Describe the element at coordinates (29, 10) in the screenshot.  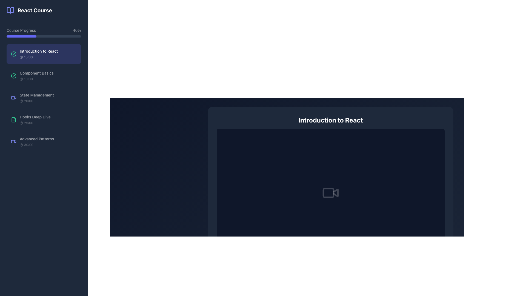
I see `the header element labeled 'React Course' which is styled in bold white font and has a book icon in indigo color on its left, located near the top-left of the sidebar` at that location.